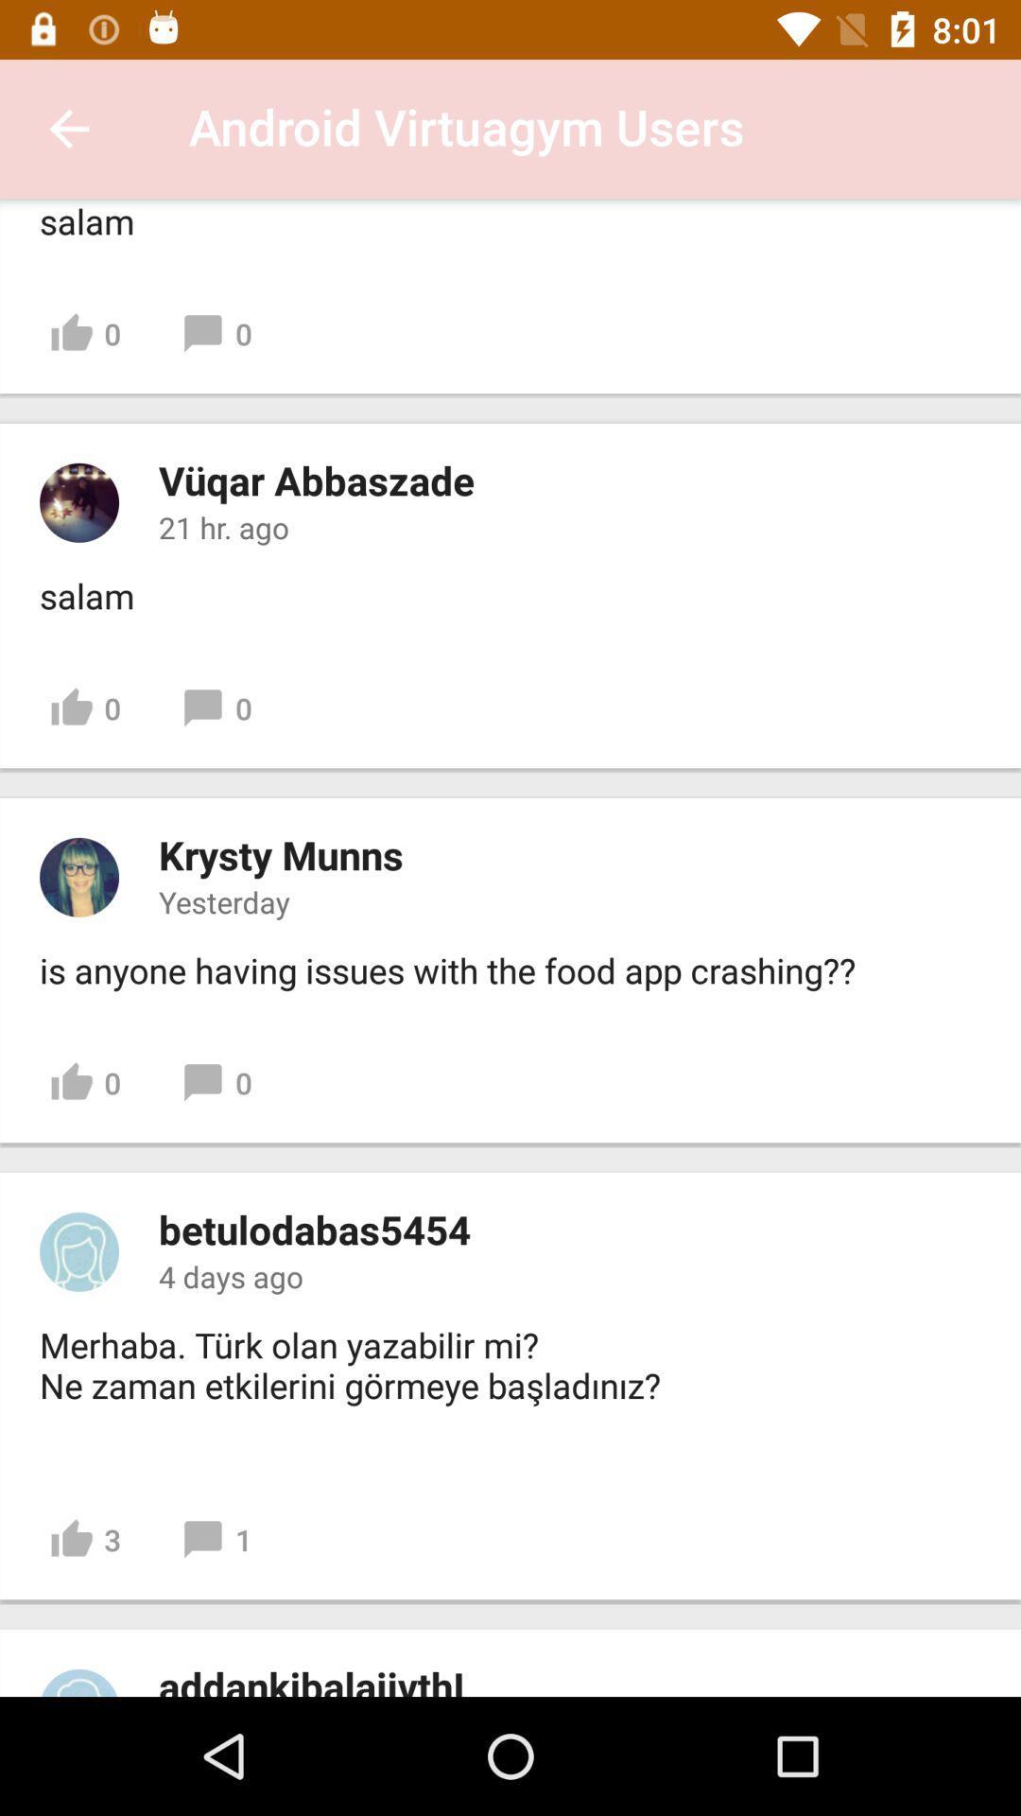 This screenshot has height=1816, width=1021. Describe the element at coordinates (355, 1386) in the screenshot. I see `the item below the 4 days ago` at that location.